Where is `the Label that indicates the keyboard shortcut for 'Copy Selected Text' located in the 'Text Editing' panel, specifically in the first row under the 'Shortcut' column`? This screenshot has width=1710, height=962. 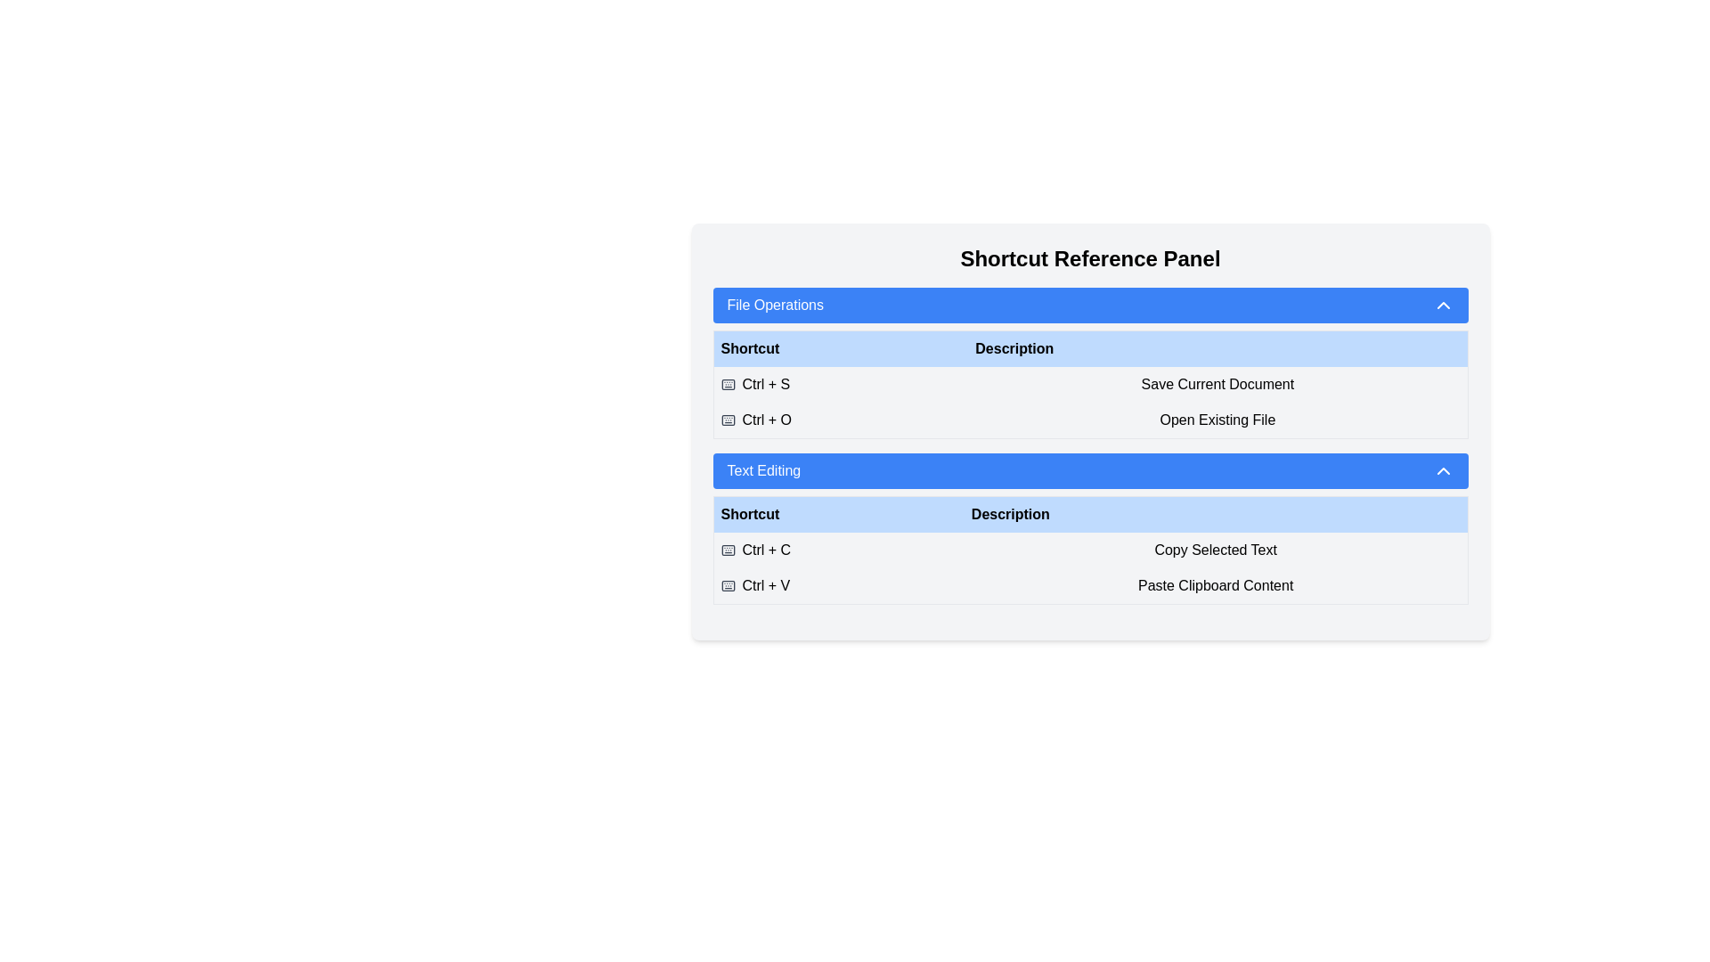
the Label that indicates the keyboard shortcut for 'Copy Selected Text' located in the 'Text Editing' panel, specifically in the first row under the 'Shortcut' column is located at coordinates (766, 549).